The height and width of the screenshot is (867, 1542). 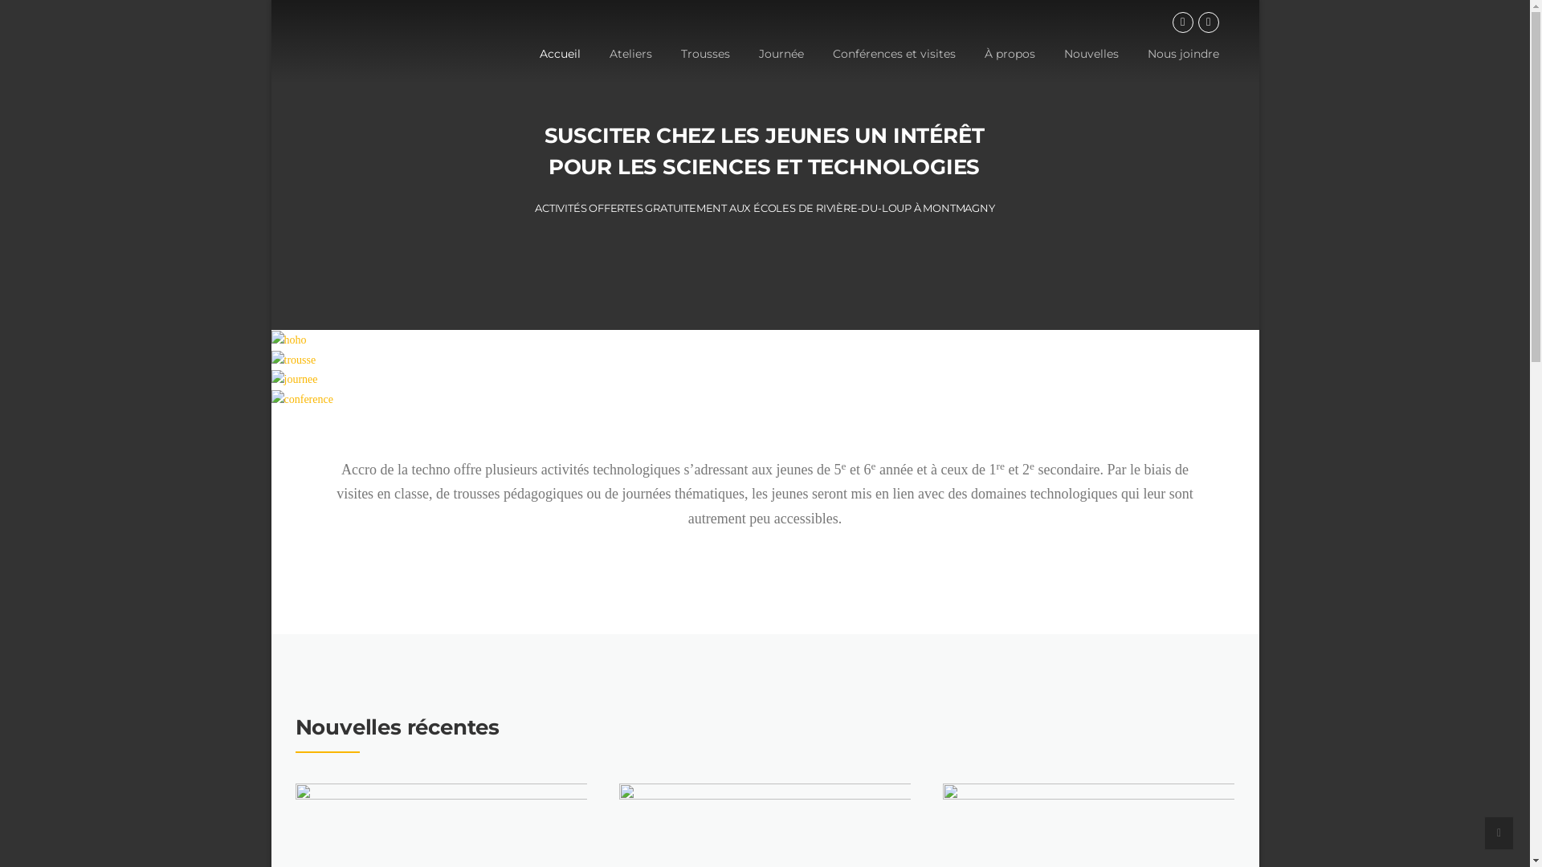 I want to click on 'trousse', so click(x=271, y=359).